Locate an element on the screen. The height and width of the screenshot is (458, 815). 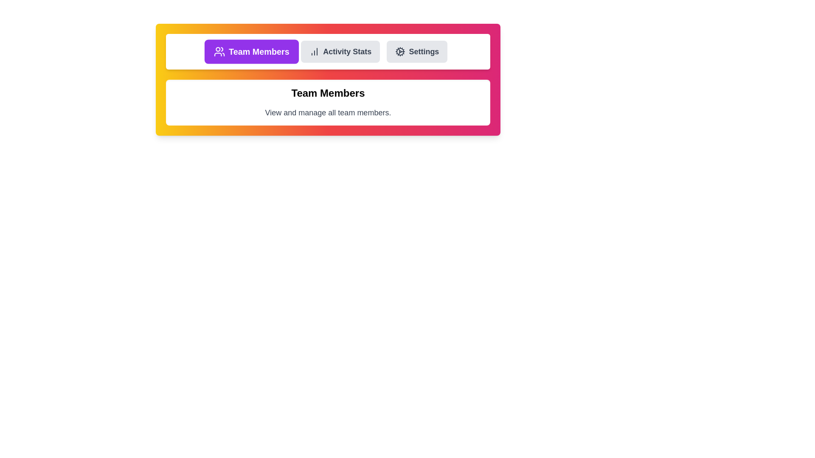
the tab labeled Team Members is located at coordinates (251, 52).